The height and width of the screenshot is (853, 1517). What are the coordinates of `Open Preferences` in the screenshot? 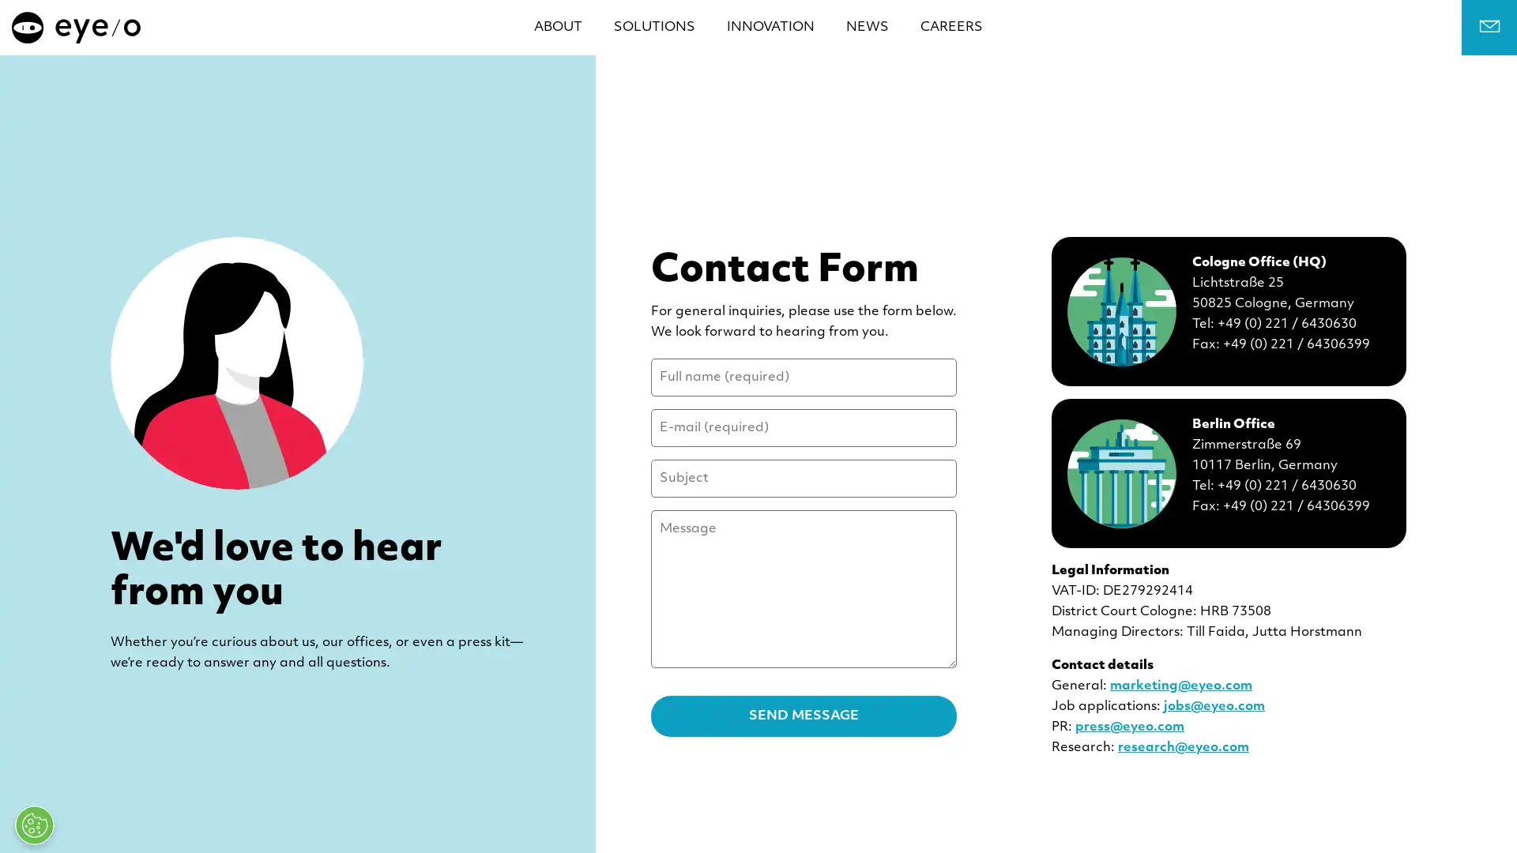 It's located at (34, 825).